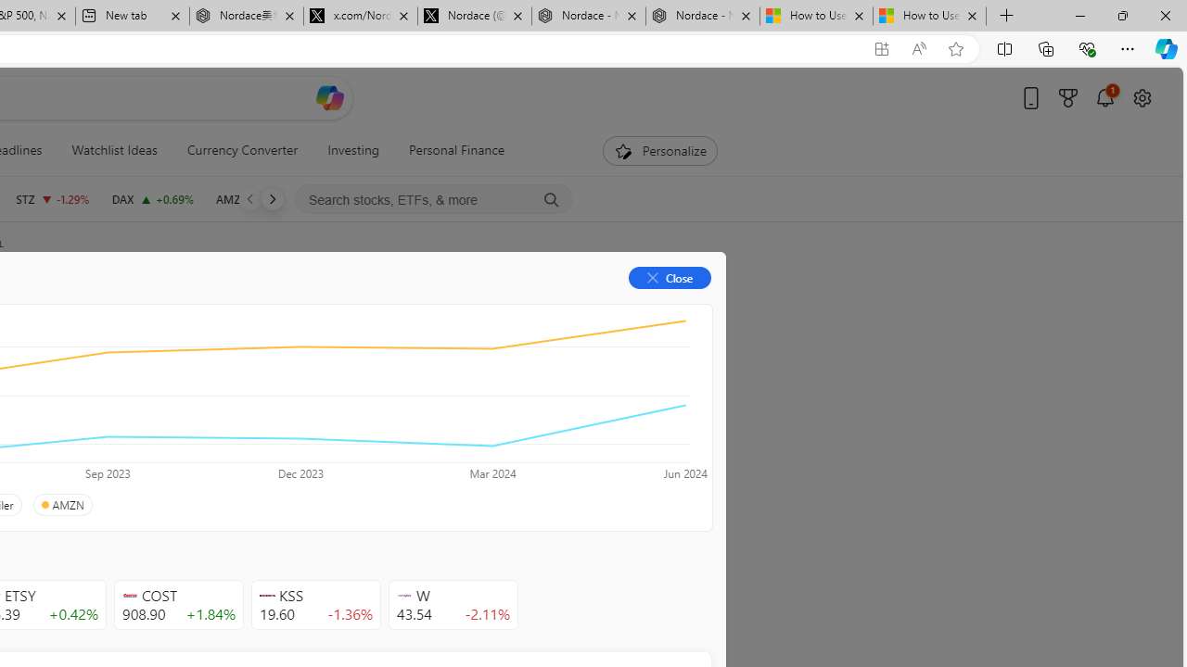  What do you see at coordinates (1105, 97) in the screenshot?
I see `'Notifications'` at bounding box center [1105, 97].